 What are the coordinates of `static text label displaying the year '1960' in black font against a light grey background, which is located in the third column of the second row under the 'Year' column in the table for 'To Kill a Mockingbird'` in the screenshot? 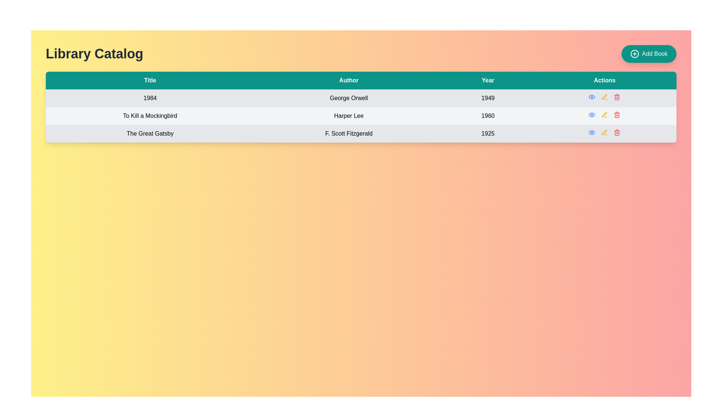 It's located at (488, 116).